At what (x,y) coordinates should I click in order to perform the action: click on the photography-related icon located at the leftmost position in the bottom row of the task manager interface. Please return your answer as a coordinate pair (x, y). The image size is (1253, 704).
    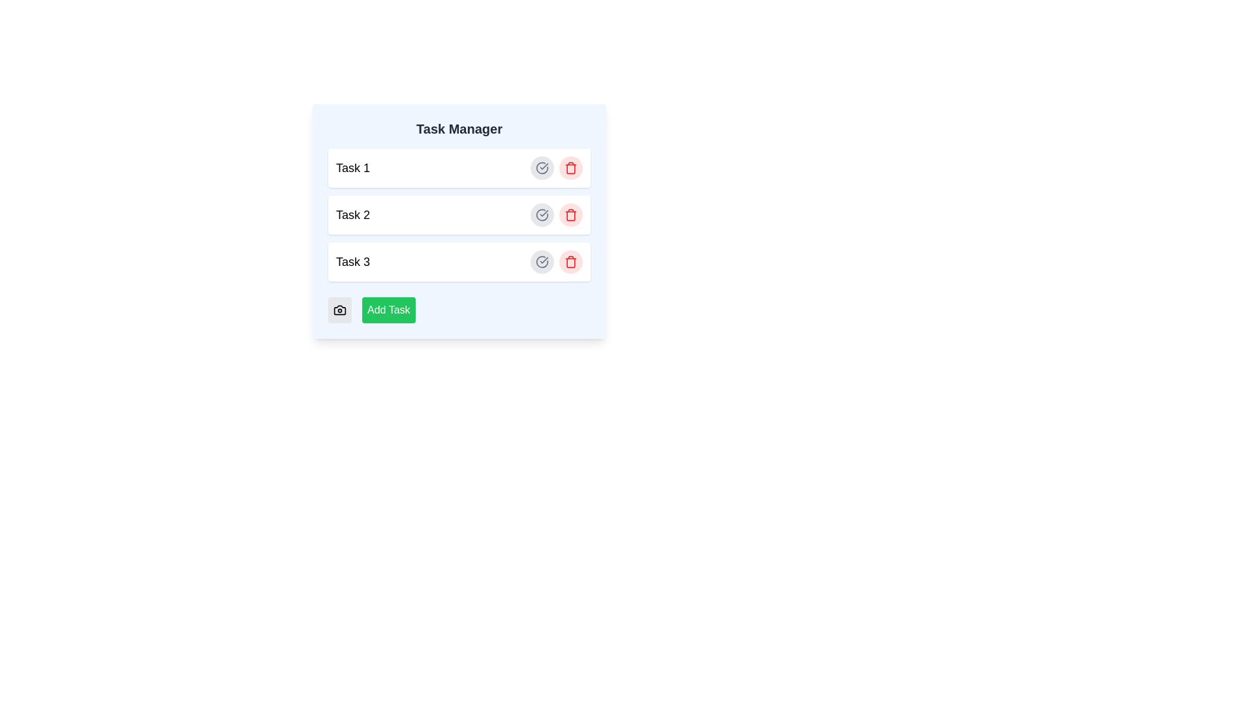
    Looking at the image, I should click on (340, 310).